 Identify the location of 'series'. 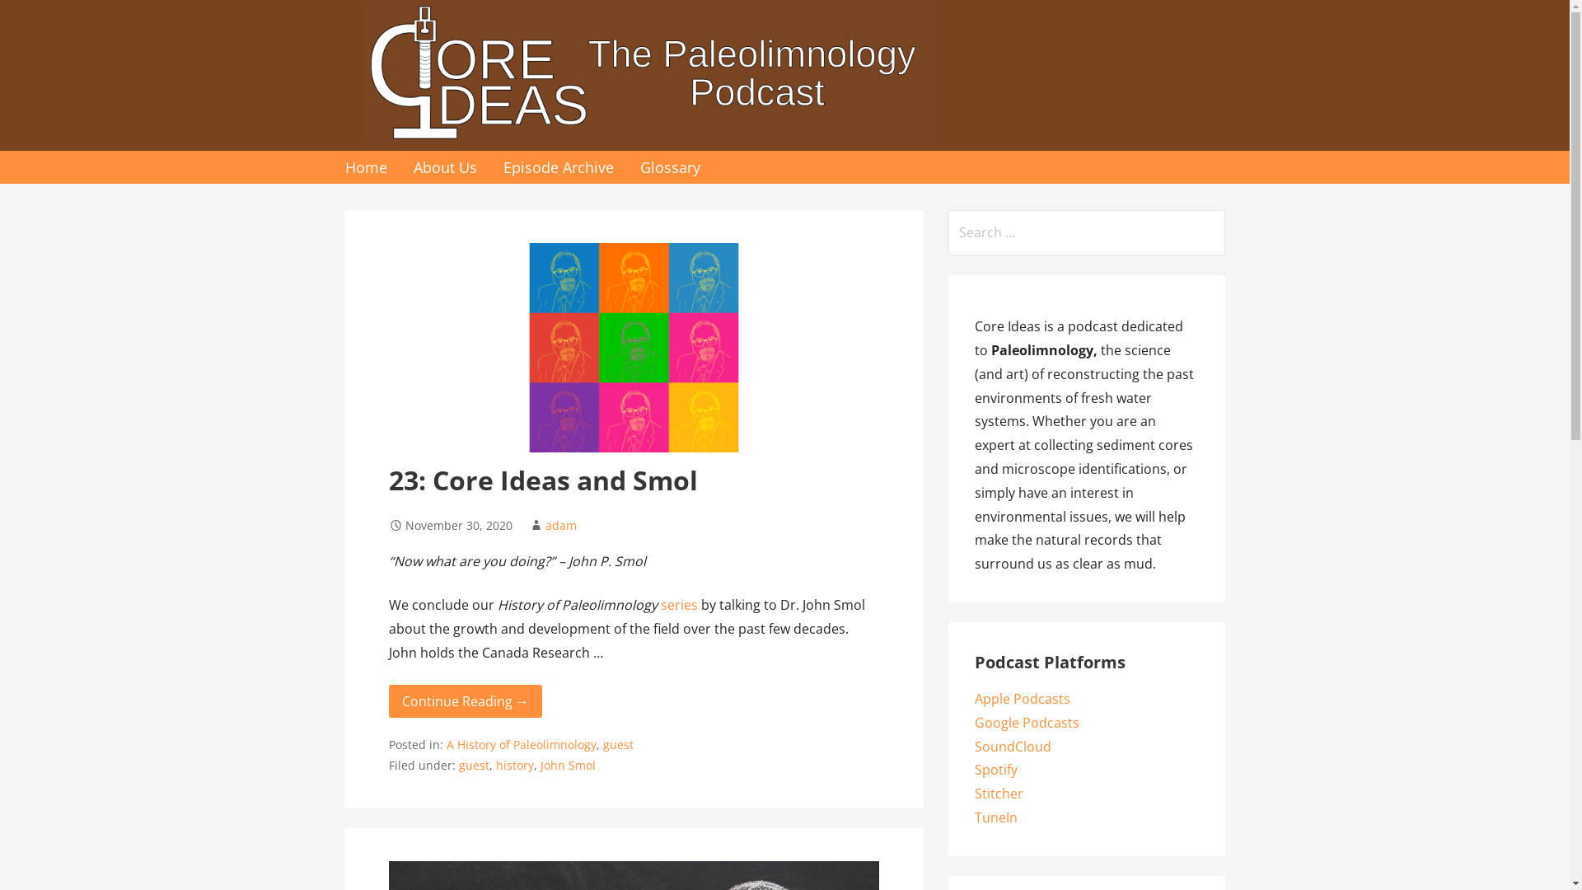
(679, 604).